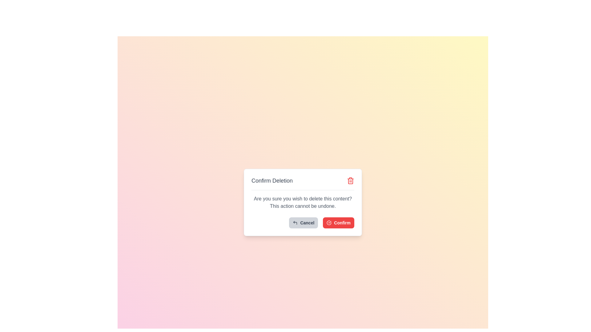 The image size is (591, 332). Describe the element at coordinates (304, 223) in the screenshot. I see `the 'Cancel' button located at the bottom-center of the modal dialog` at that location.